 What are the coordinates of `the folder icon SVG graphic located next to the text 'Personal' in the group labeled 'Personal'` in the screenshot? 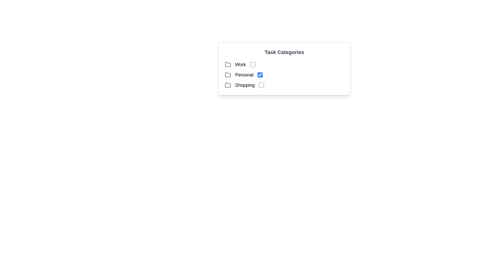 It's located at (227, 75).